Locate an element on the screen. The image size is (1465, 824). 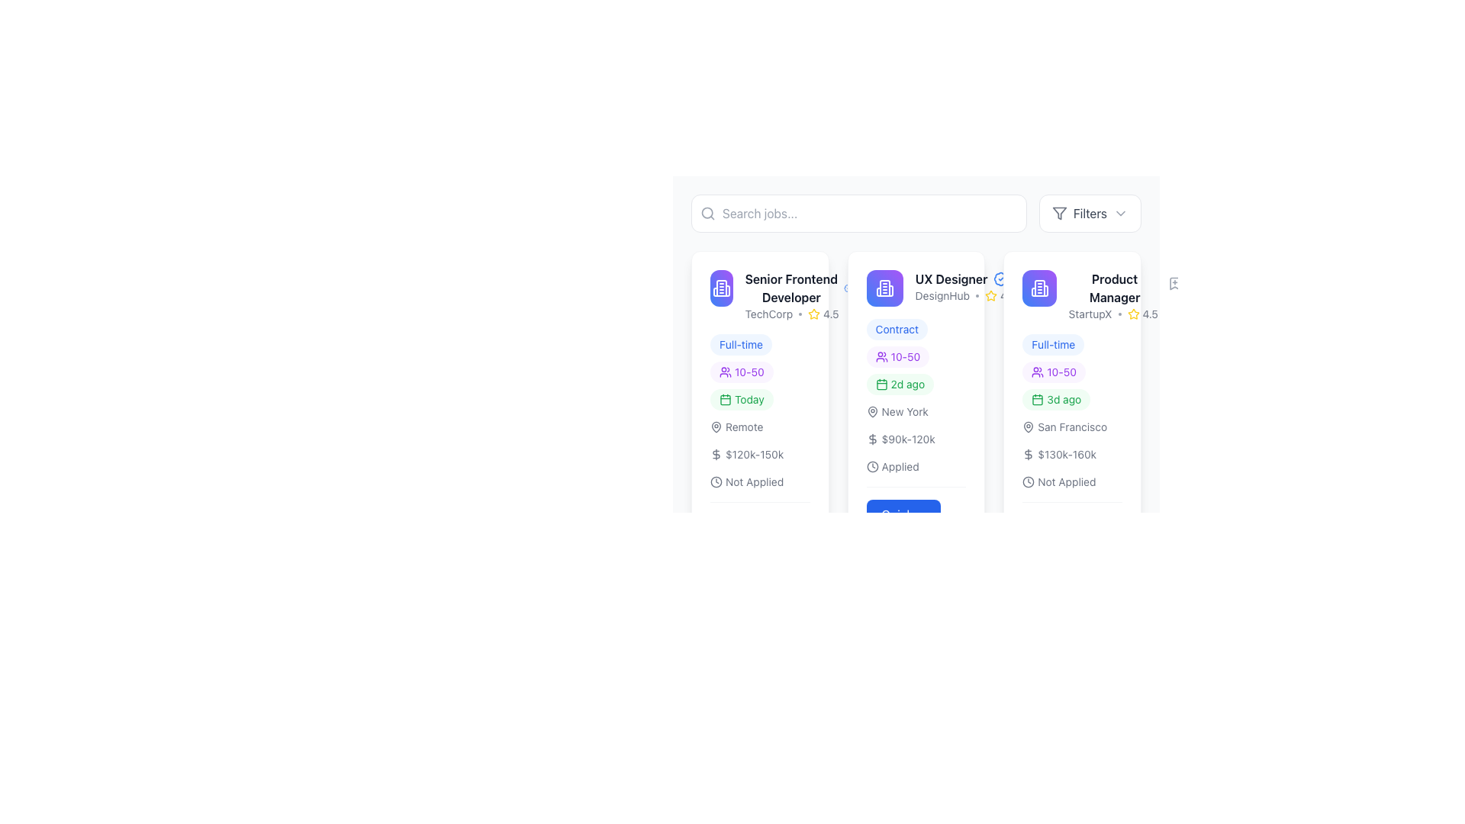
the Job Posting Summary element displaying 'Senior Frontend Developer' at TechCorp with a rating of '4.5' is located at coordinates (781, 296).